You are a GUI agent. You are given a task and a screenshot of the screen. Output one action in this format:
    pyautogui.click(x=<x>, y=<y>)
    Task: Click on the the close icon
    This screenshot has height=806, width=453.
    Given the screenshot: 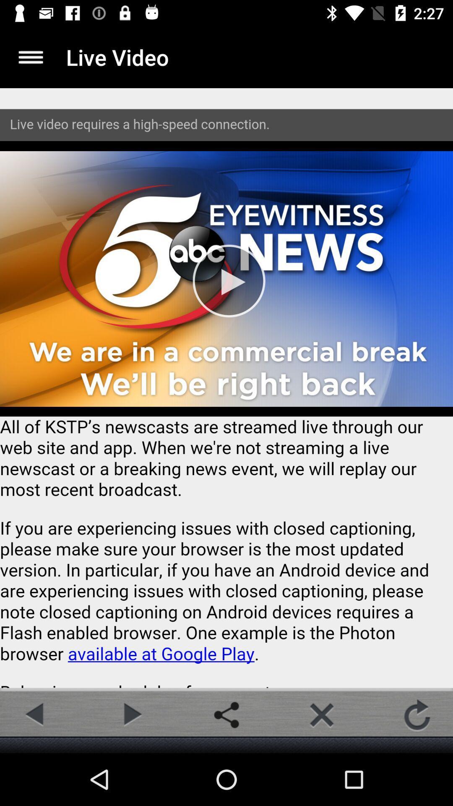 What is the action you would take?
    pyautogui.click(x=321, y=714)
    